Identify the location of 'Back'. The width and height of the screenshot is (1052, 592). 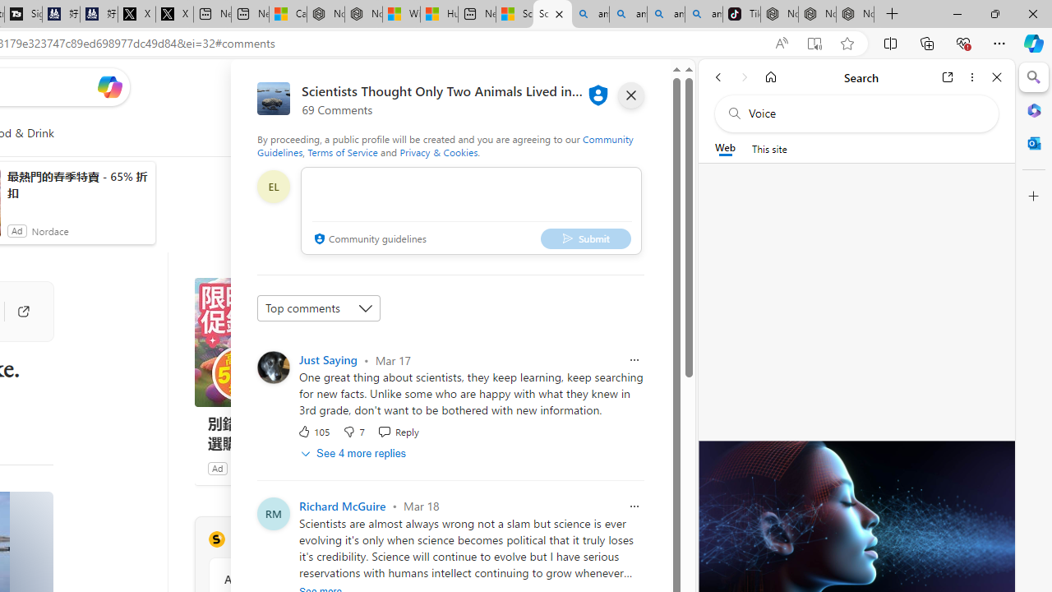
(718, 76).